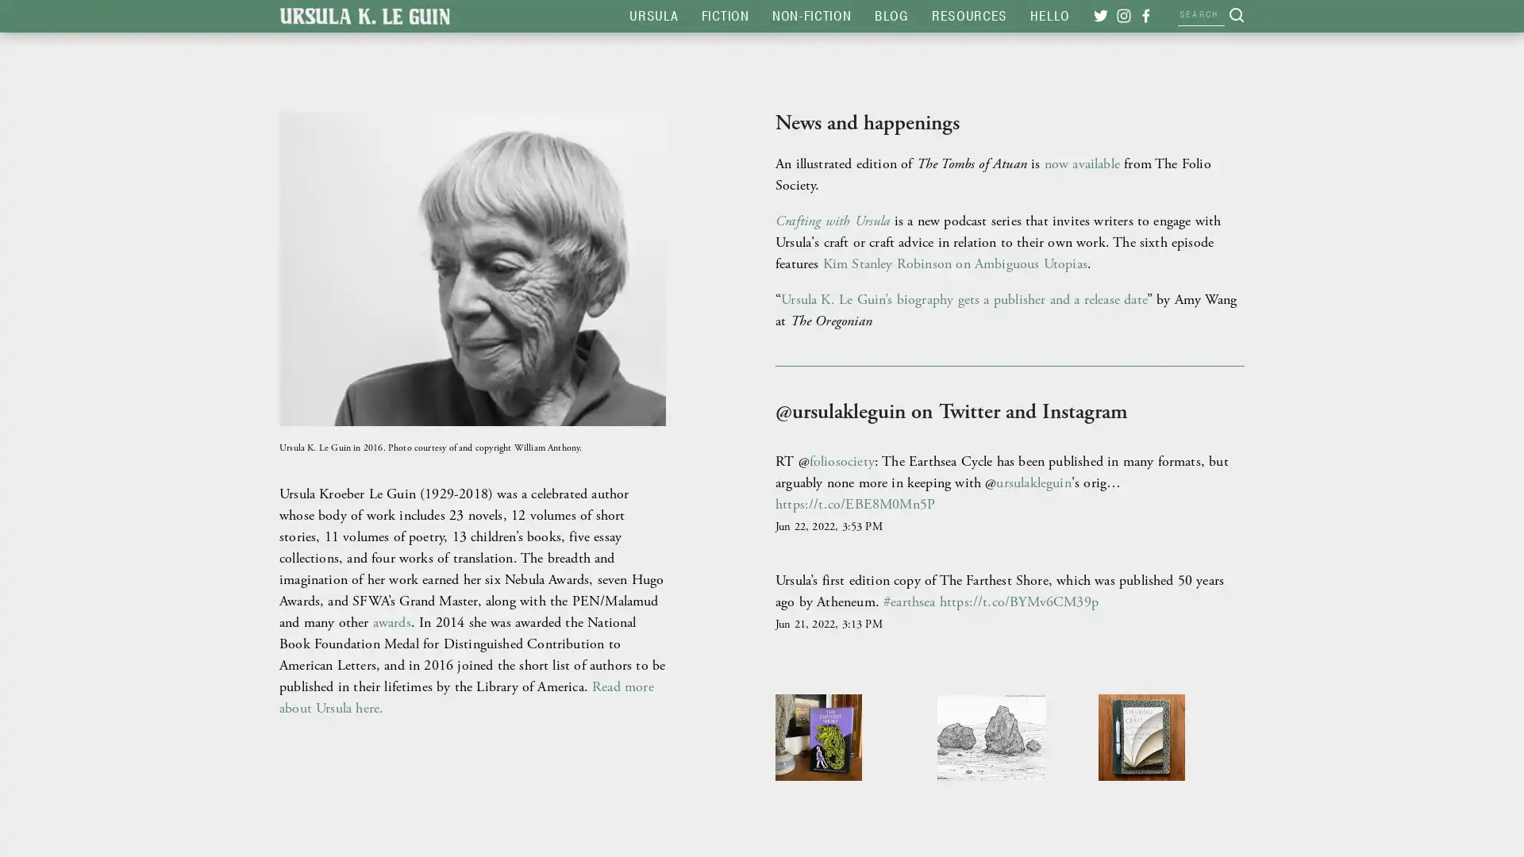 The height and width of the screenshot is (857, 1524). What do you see at coordinates (846, 765) in the screenshot?
I see `View fullsize Ursula&rsquo;s first edition copy of The Farthest Shore, the third book of Earthsea, which celebrates its 50th anniversary this year. #ursulakleguin #ursulaleguin #earthsea #thefarthestshore` at bounding box center [846, 765].